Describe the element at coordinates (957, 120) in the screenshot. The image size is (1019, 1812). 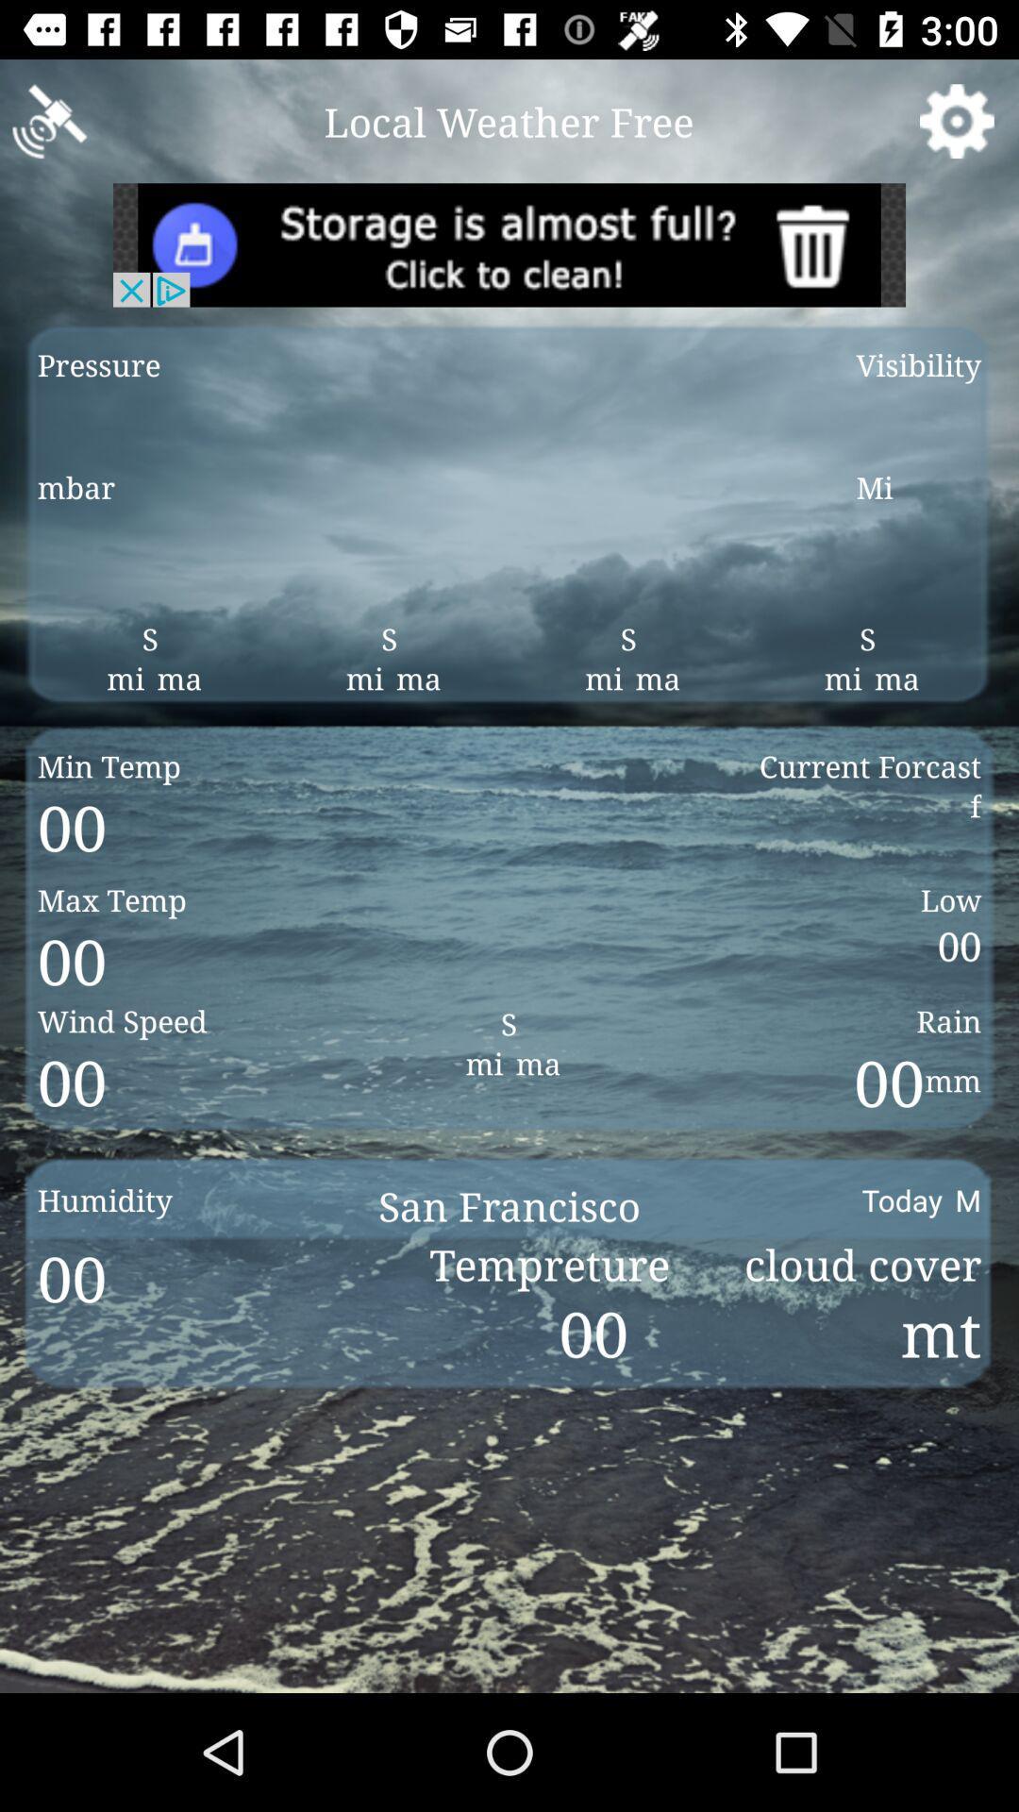
I see `icon above the visibility app` at that location.